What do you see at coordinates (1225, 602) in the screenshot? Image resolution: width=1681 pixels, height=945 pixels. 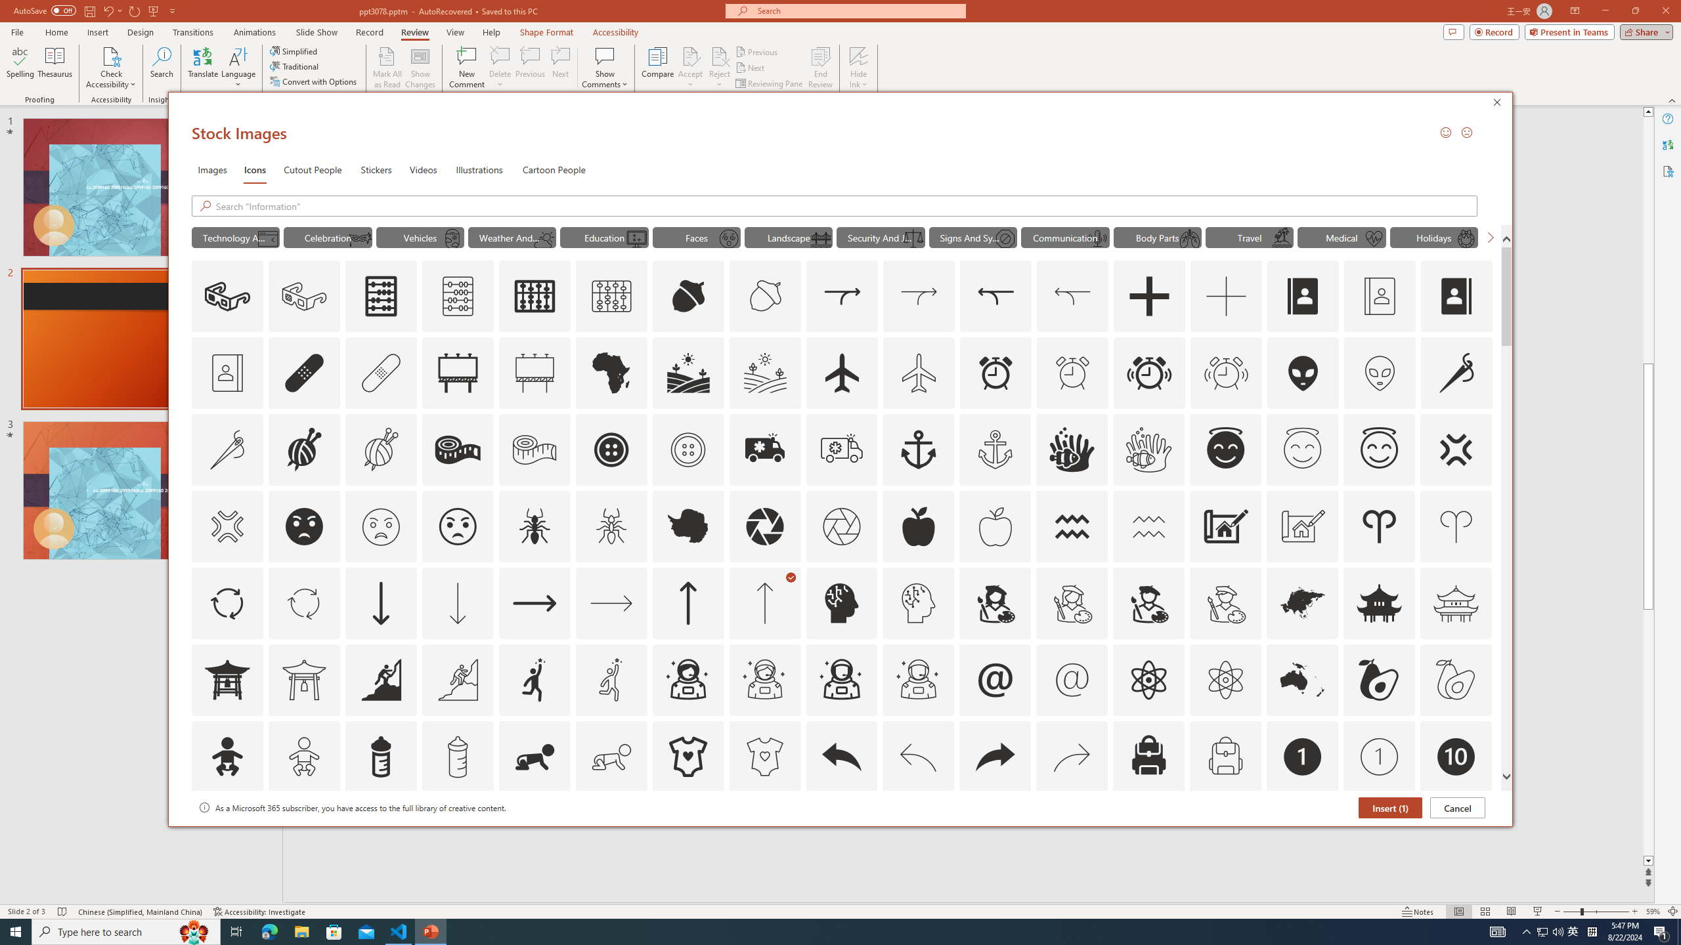 I see `'AutomationID: Icons_ArtistMale_M'` at bounding box center [1225, 602].